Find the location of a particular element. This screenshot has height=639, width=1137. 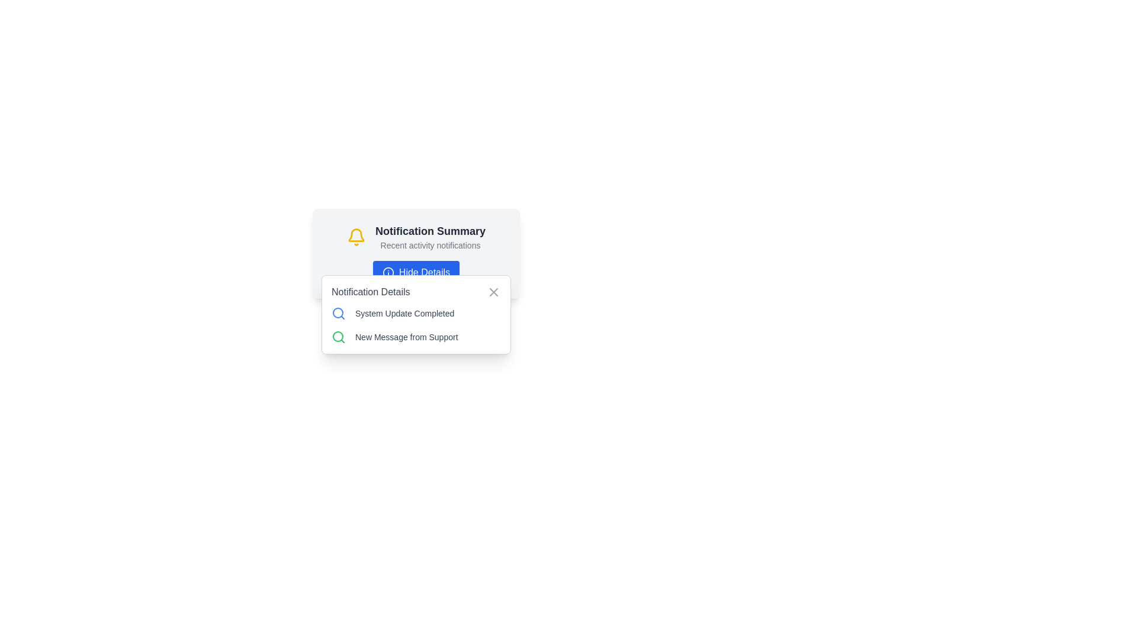

the 'Notification Summary' static text label, which is bold and larger in size, located above the 'Hide Details' blue button and to the right of the yellow bell icon in the notification panel is located at coordinates (429, 237).